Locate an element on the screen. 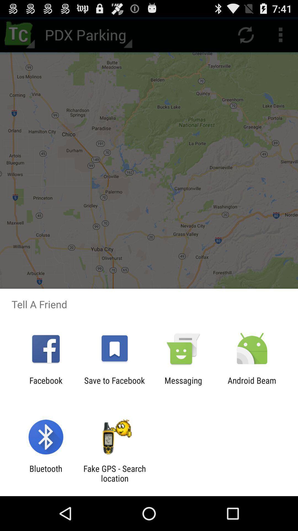 This screenshot has height=531, width=298. fake gps search app is located at coordinates (114, 473).